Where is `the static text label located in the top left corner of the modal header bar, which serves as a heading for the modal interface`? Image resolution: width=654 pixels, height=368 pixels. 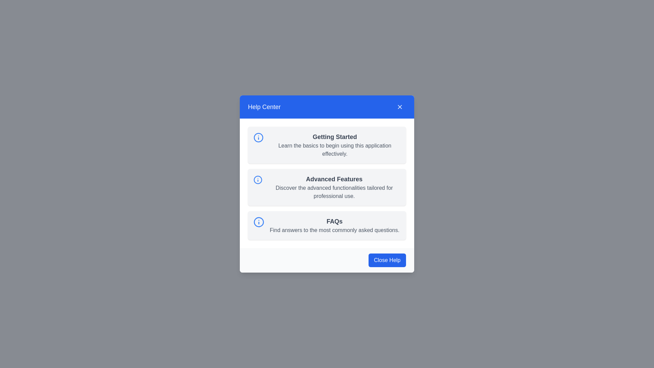 the static text label located in the top left corner of the modal header bar, which serves as a heading for the modal interface is located at coordinates (264, 107).